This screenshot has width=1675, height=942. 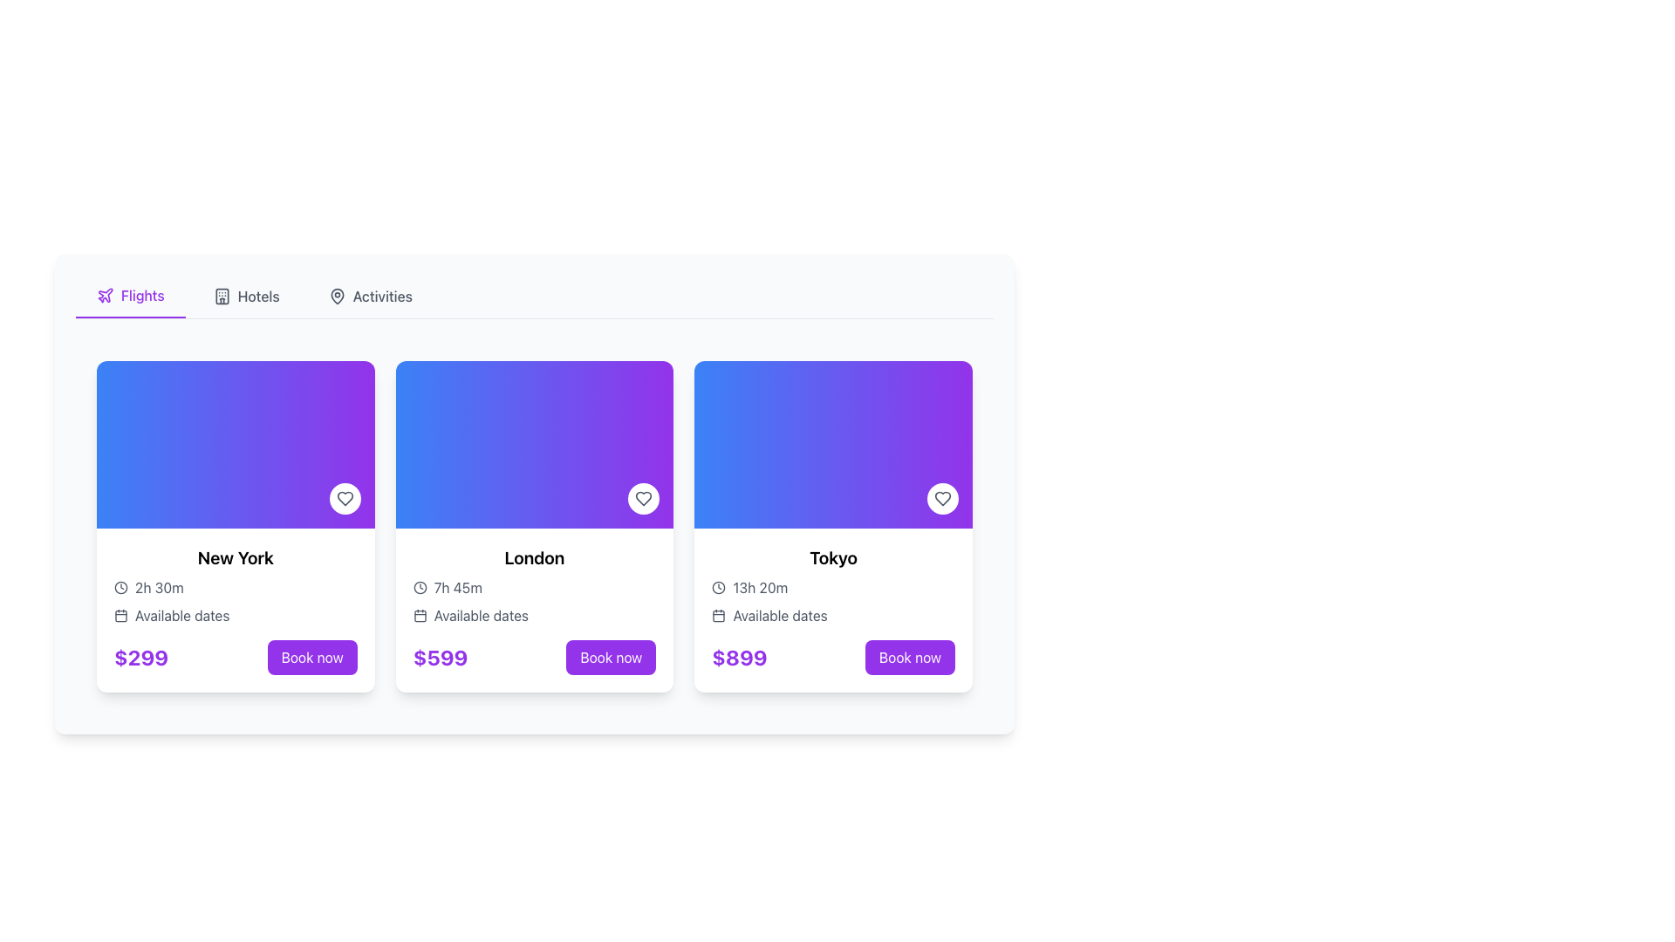 What do you see at coordinates (832, 558) in the screenshot?
I see `the text label that displays 'Tokyo', which is a large, bold text located in the top section of the third card` at bounding box center [832, 558].